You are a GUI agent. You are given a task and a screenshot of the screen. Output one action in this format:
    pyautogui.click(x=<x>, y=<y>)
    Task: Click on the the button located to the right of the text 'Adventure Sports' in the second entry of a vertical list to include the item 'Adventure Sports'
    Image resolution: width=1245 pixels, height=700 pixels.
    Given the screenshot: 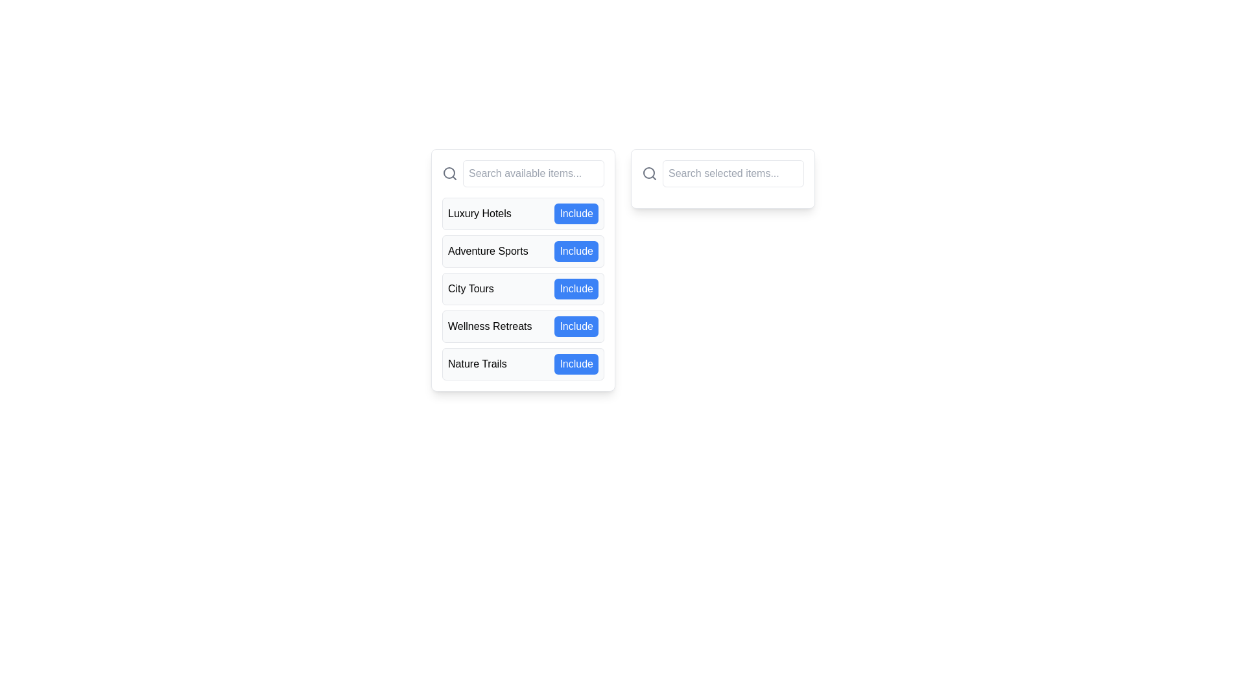 What is the action you would take?
    pyautogui.click(x=576, y=251)
    